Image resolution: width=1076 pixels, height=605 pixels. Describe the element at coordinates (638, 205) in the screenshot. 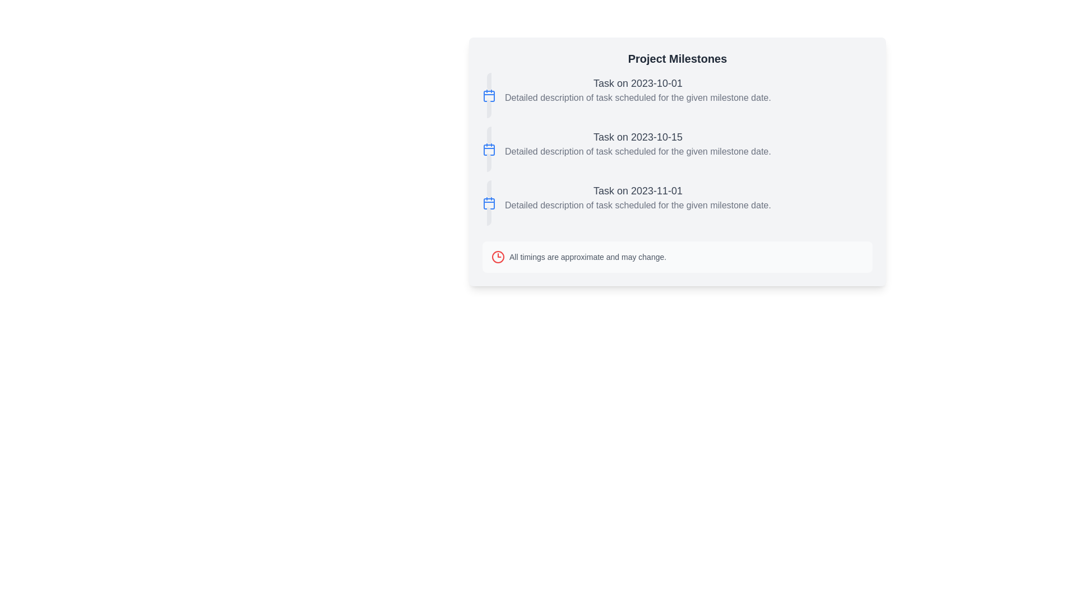

I see `the text label displaying 'Detailed description of task scheduled for the given milestone date.' for accessibility purposes` at that location.